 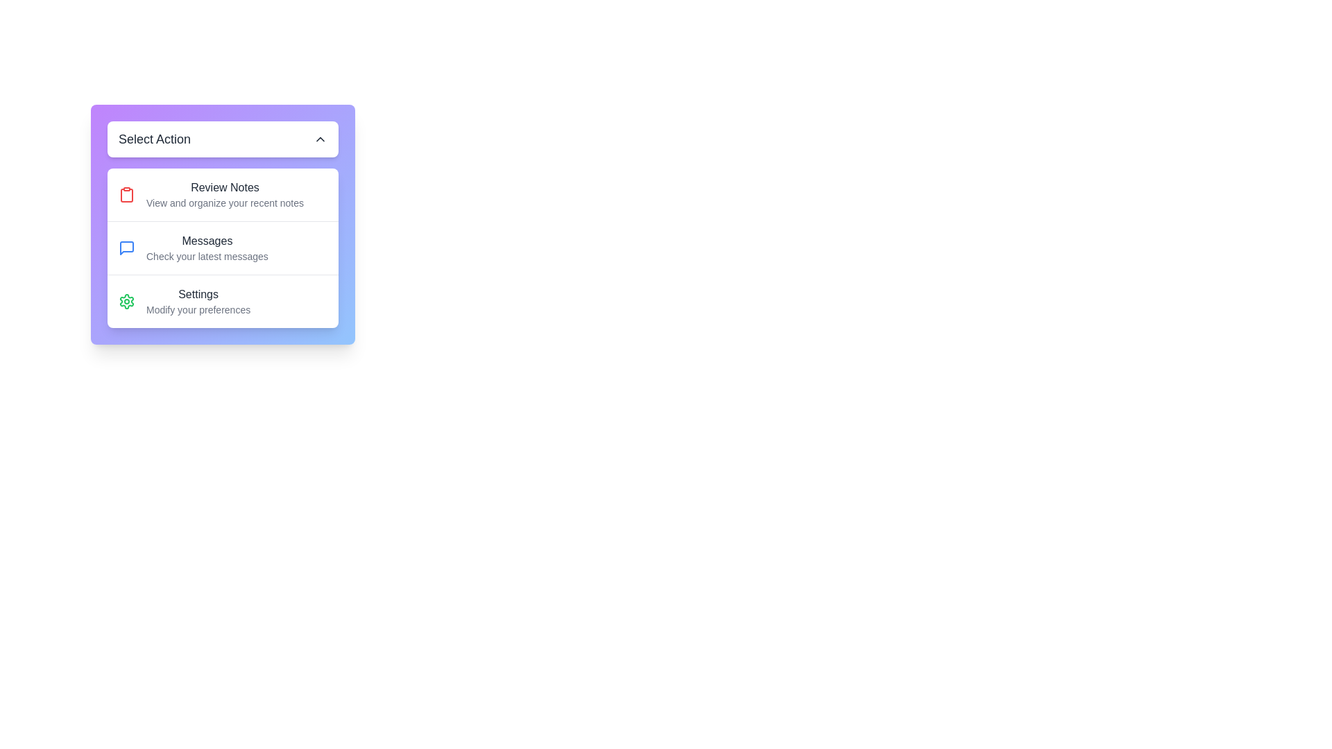 What do you see at coordinates (223, 247) in the screenshot?
I see `the second menu item in the vertical list of options` at bounding box center [223, 247].